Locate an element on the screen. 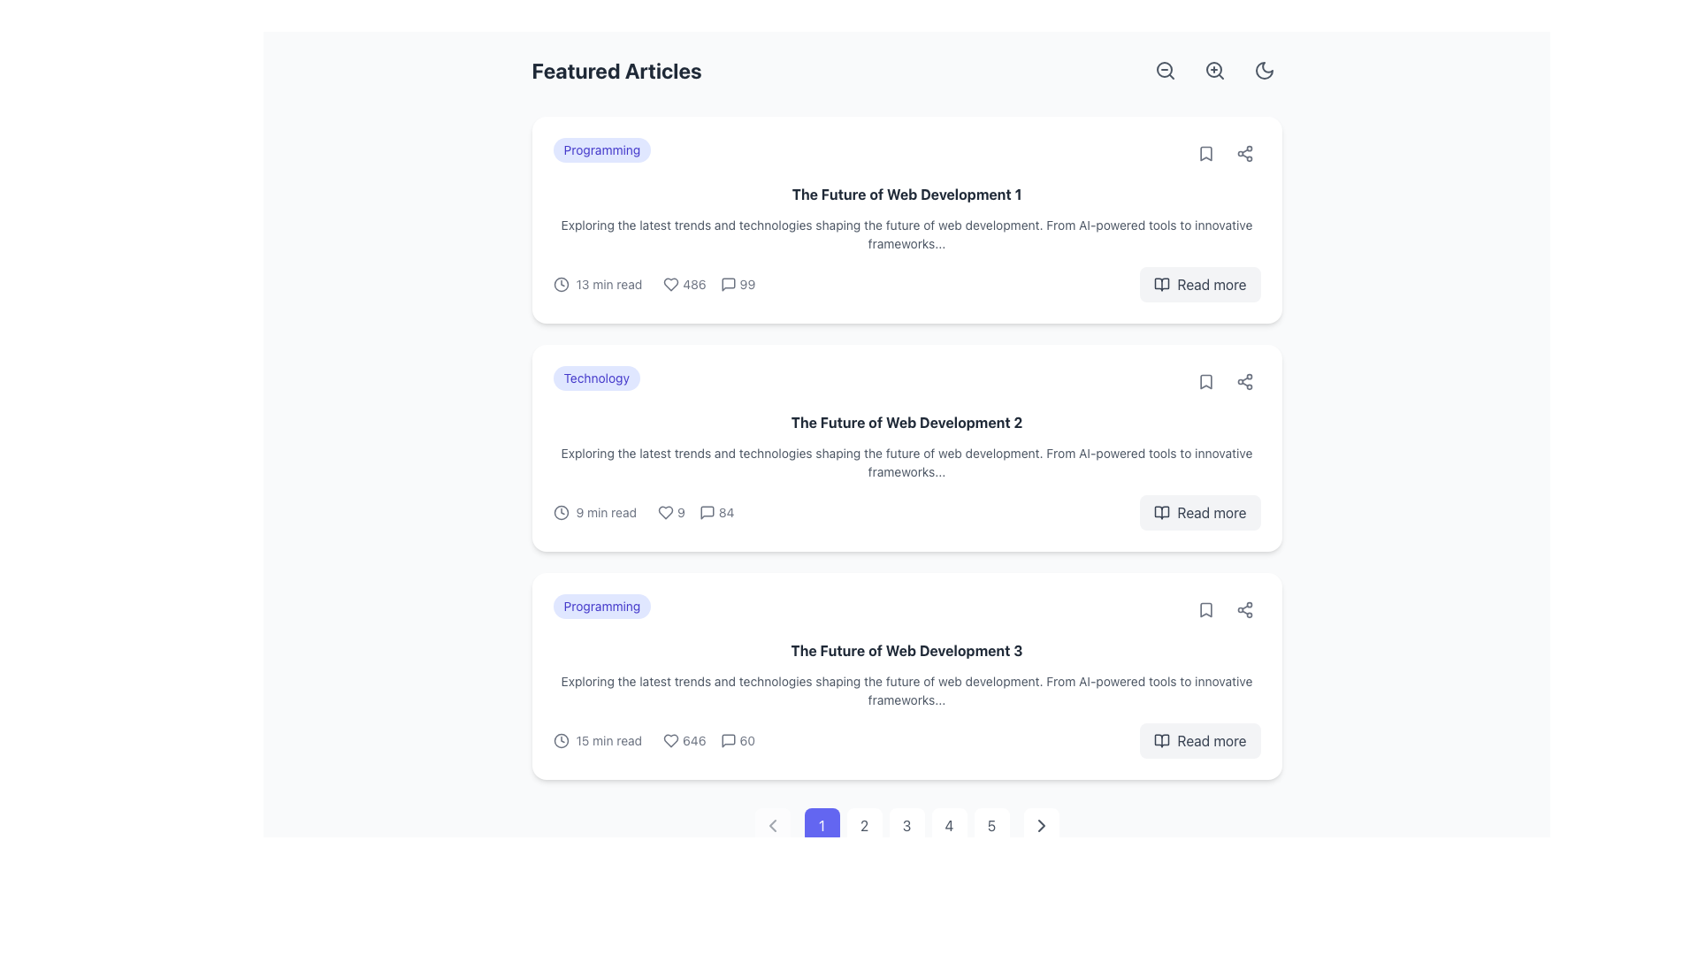 This screenshot has height=955, width=1698. the pill-shaped label with the text 'Technology' that is located in the upper section of the second article card, aligned to the left edge above the article title is located at coordinates (596, 378).